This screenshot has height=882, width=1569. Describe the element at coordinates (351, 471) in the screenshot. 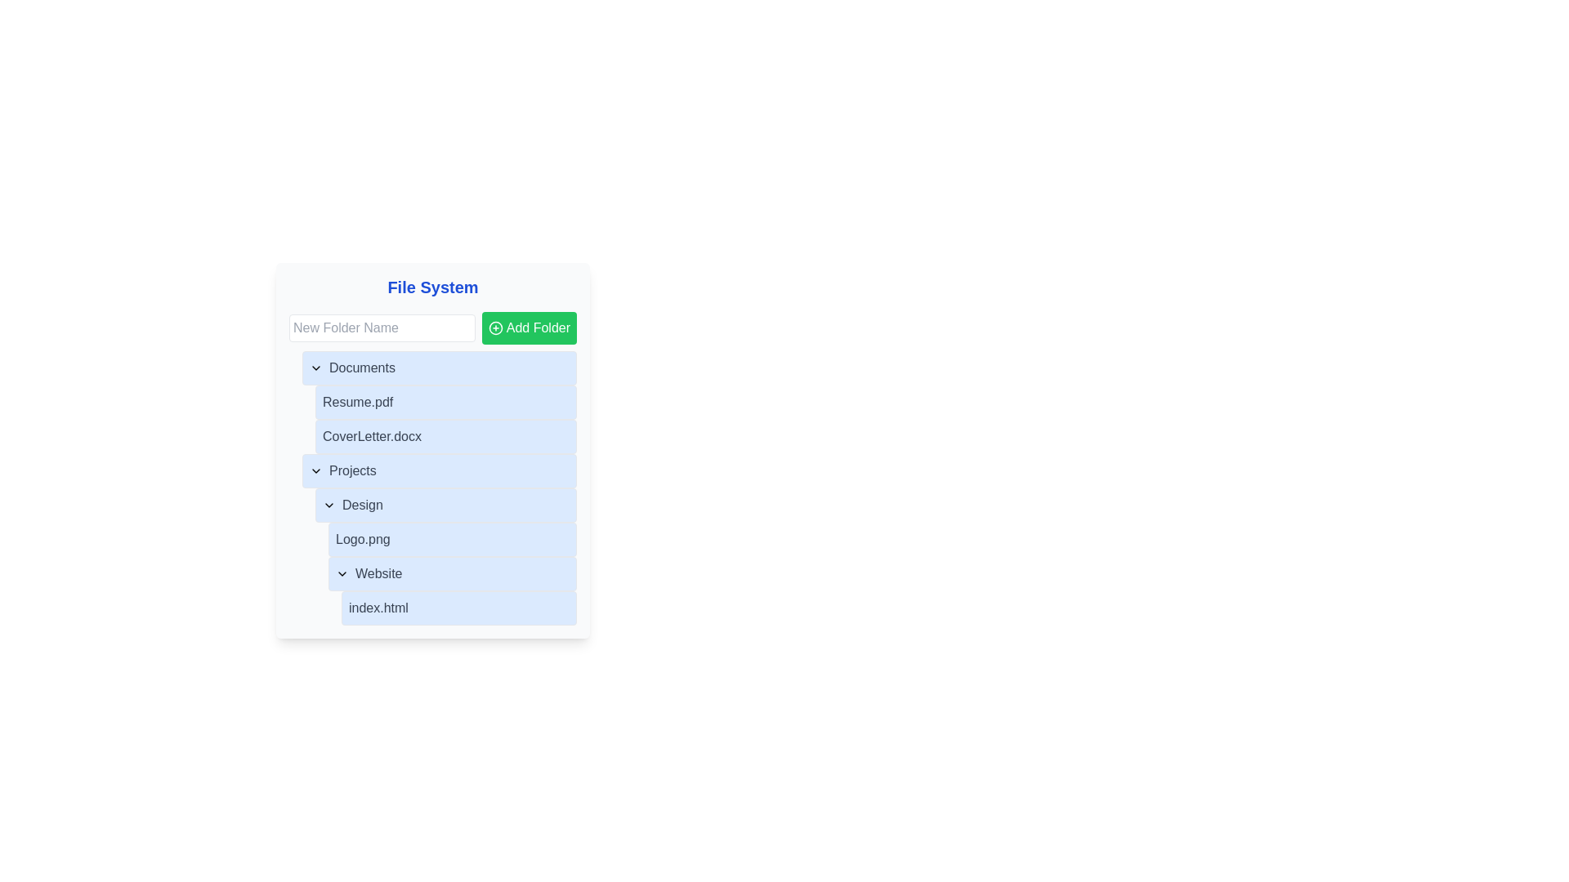

I see `the 'Projects' text label, which is styled with a medium font weight and gray color, indicating its role as a title within a collapsible list item` at that location.